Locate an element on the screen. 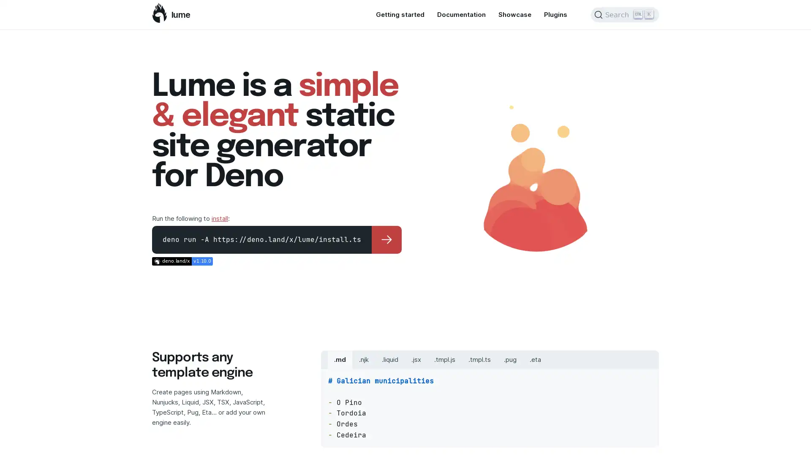  Search is located at coordinates (625, 14).